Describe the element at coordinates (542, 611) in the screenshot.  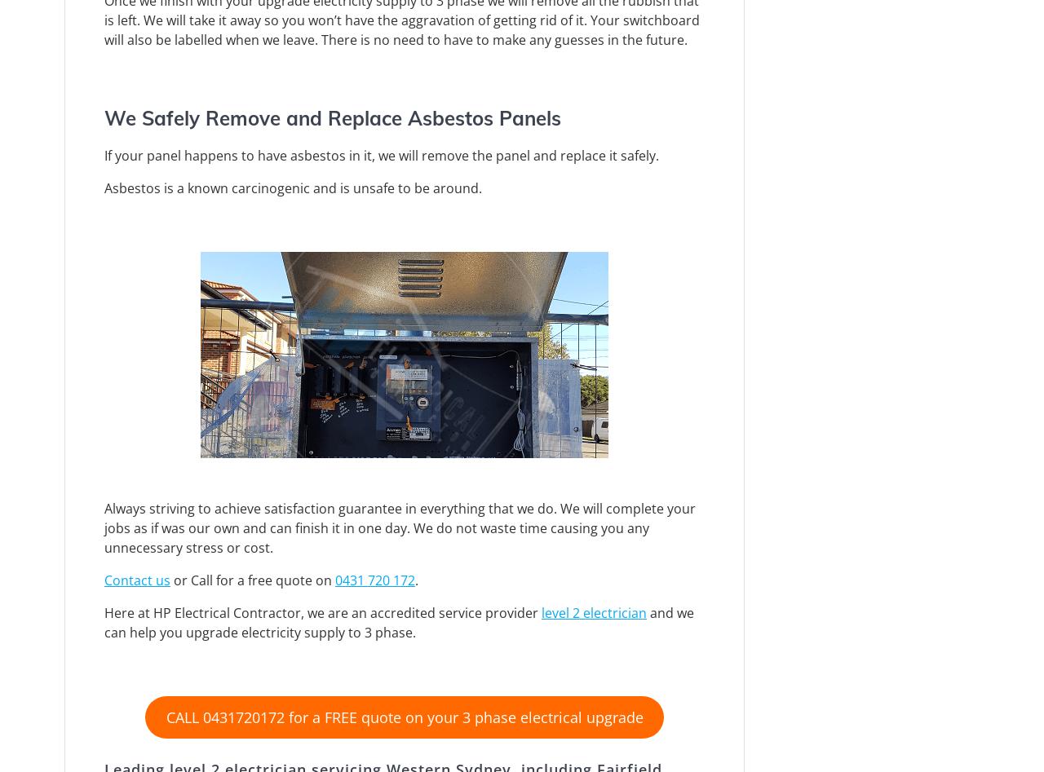
I see `'level 2 electrician'` at that location.